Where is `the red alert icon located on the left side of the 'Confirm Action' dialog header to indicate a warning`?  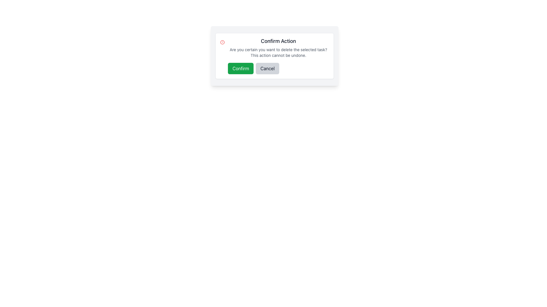 the red alert icon located on the left side of the 'Confirm Action' dialog header to indicate a warning is located at coordinates (222, 42).